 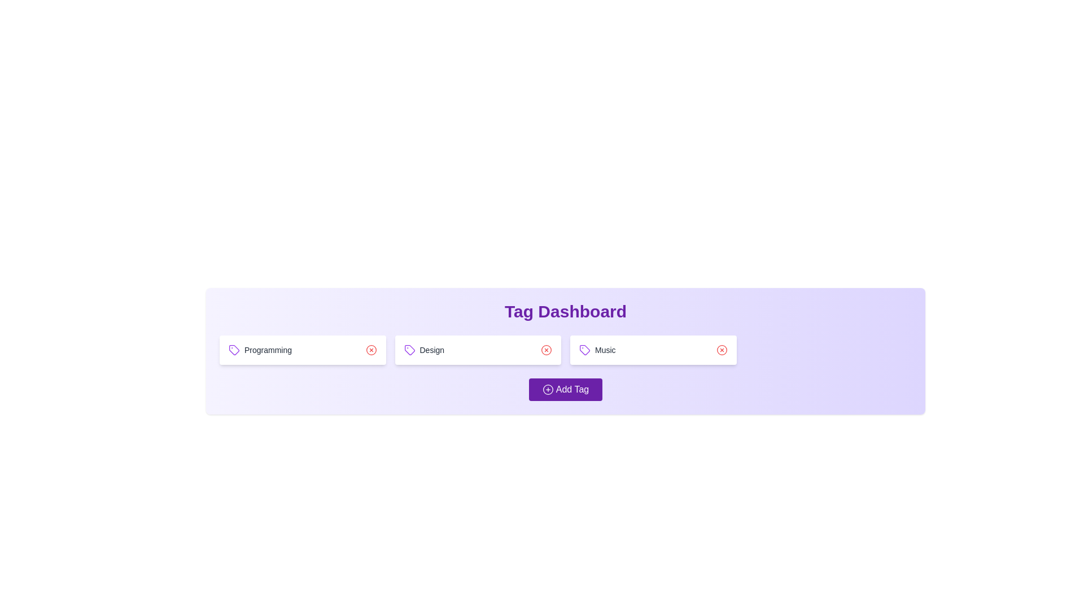 I want to click on the filled SVG Circle located inside the 'Add Tag' button at the bottom center of the interface, so click(x=548, y=389).